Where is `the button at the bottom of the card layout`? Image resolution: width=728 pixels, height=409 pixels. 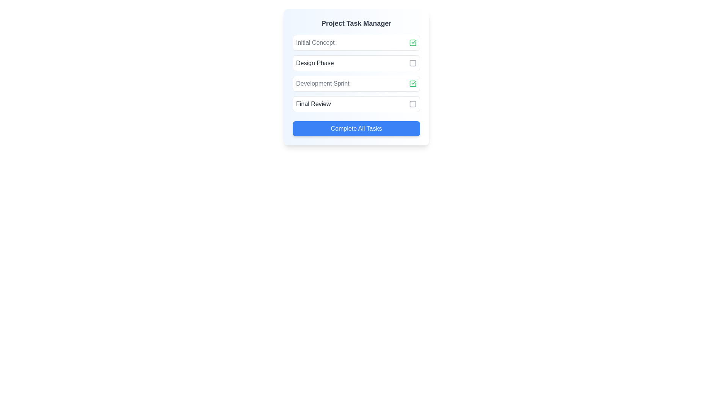 the button at the bottom of the card layout is located at coordinates (356, 128).